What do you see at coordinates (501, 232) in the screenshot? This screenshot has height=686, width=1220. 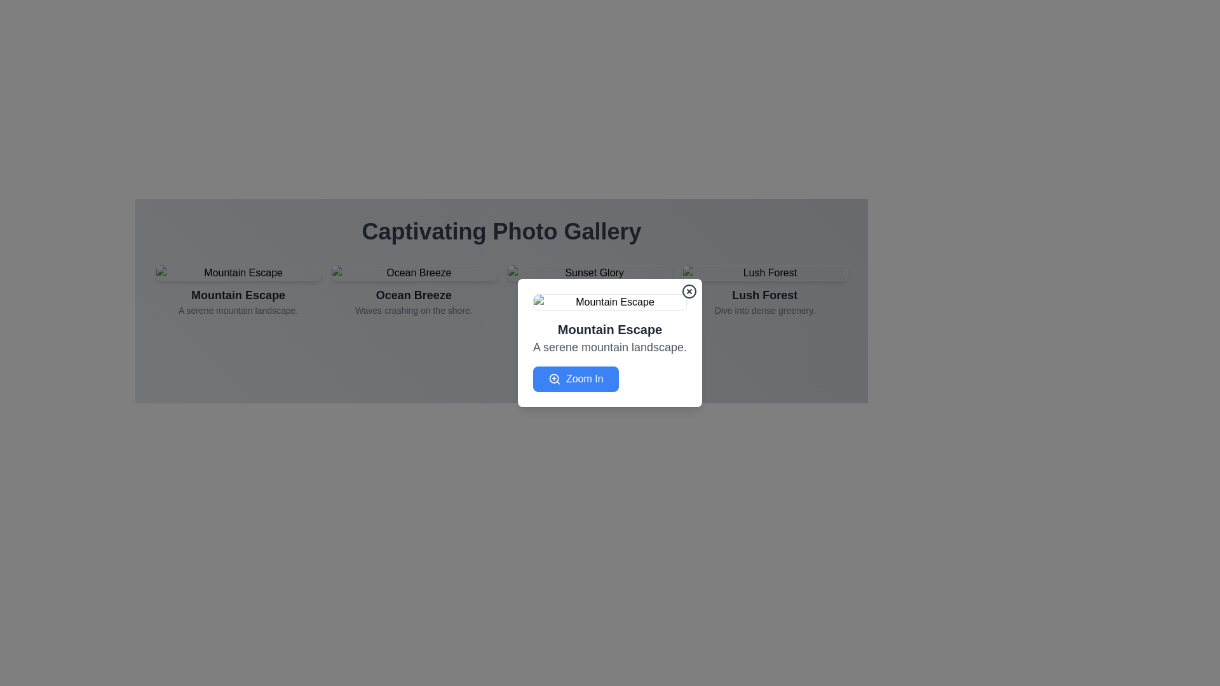 I see `the Heading text element that serves as the title for the photo gallery to check for any tooltip appearance` at bounding box center [501, 232].